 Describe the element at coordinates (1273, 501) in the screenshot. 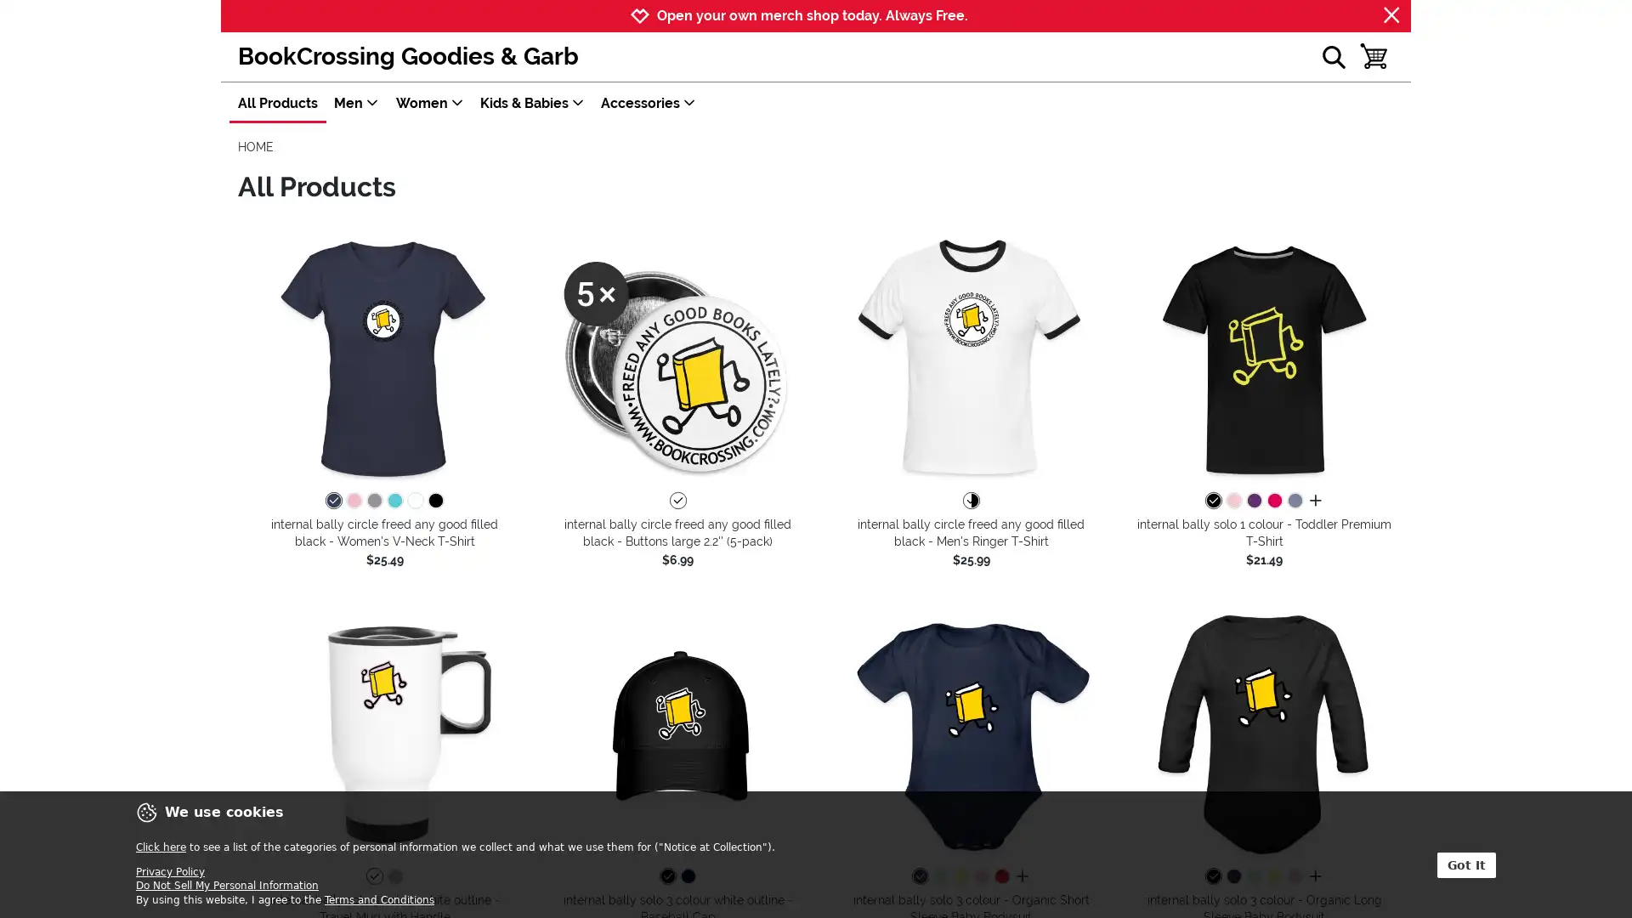

I see `dark pink` at that location.